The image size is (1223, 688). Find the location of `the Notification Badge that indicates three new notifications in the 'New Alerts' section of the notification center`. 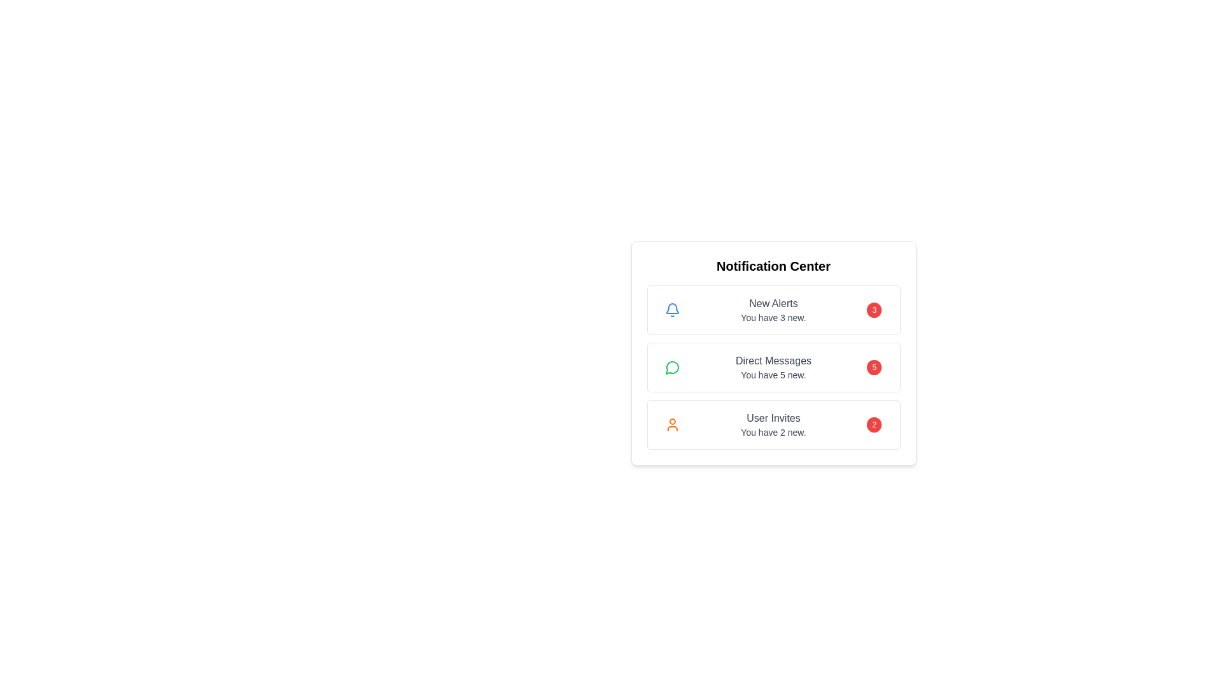

the Notification Badge that indicates three new notifications in the 'New Alerts' section of the notification center is located at coordinates (873, 310).